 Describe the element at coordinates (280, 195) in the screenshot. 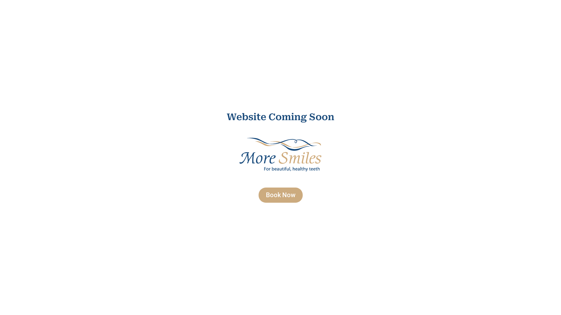

I see `'Book Now'` at that location.